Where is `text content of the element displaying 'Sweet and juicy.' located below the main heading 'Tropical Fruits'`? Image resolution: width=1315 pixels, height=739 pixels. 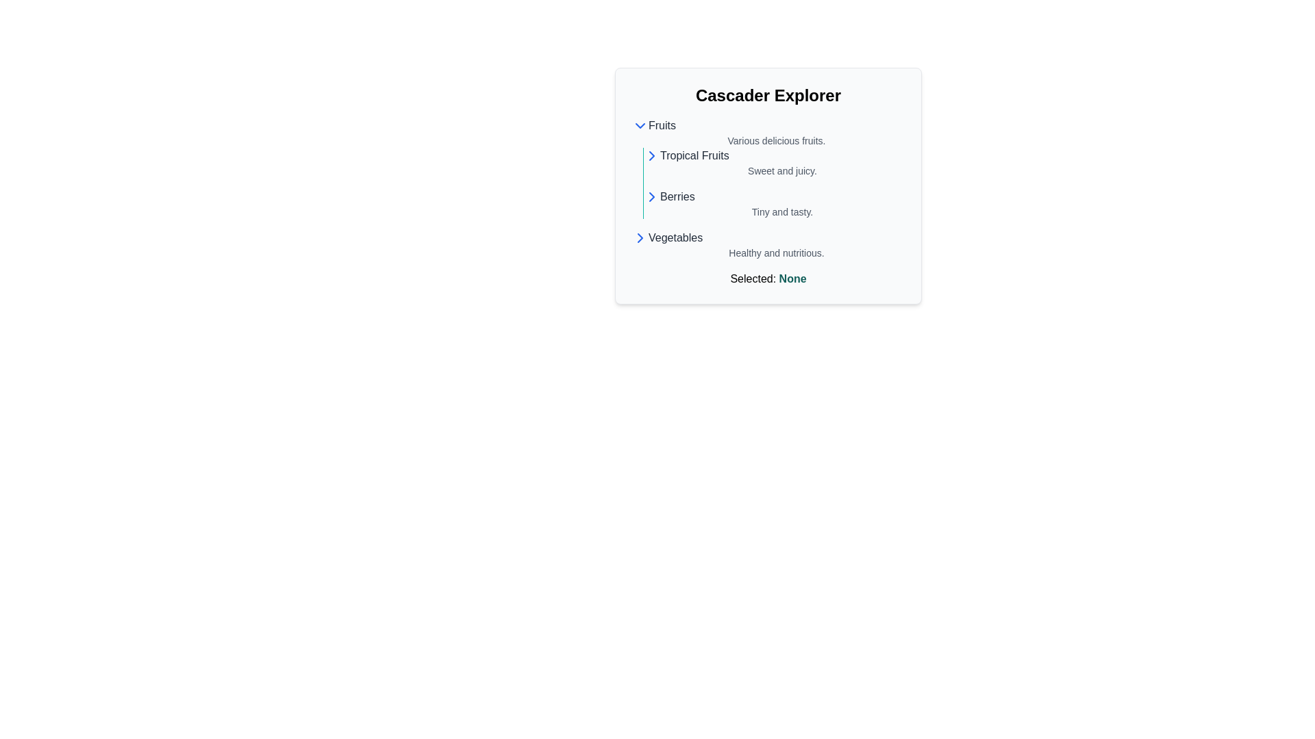
text content of the element displaying 'Sweet and juicy.' located below the main heading 'Tropical Fruits' is located at coordinates (782, 170).